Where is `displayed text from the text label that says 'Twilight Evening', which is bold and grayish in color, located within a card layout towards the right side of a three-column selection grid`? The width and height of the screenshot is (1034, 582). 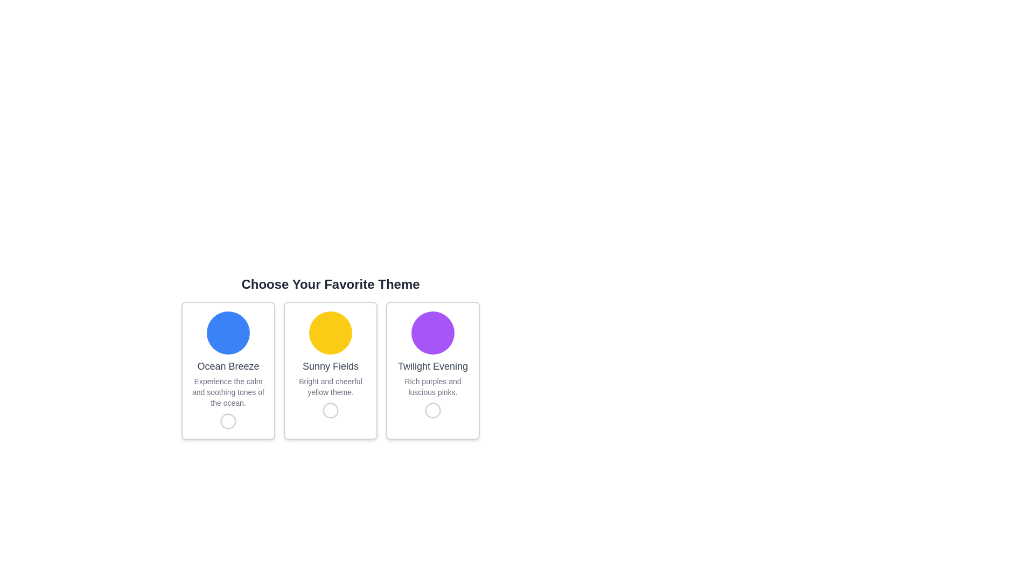 displayed text from the text label that says 'Twilight Evening', which is bold and grayish in color, located within a card layout towards the right side of a three-column selection grid is located at coordinates (433, 365).